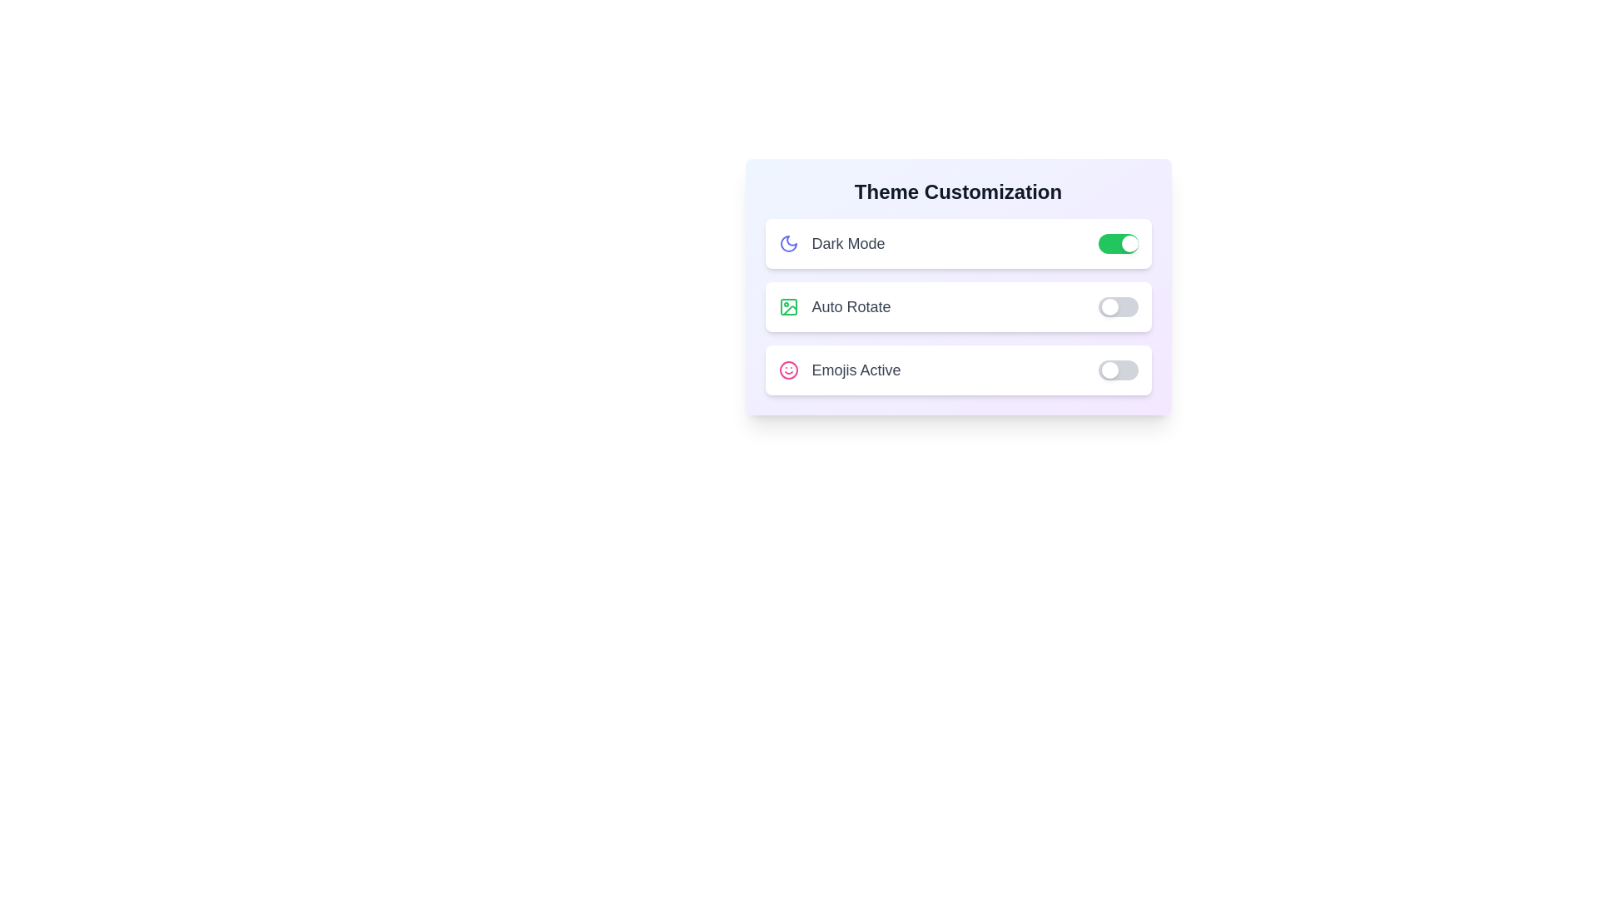 The height and width of the screenshot is (899, 1598). Describe the element at coordinates (851, 307) in the screenshot. I see `the 'Auto Rotate' text label located below the 'Dark Mode' option in the 'Theme Customization' box` at that location.